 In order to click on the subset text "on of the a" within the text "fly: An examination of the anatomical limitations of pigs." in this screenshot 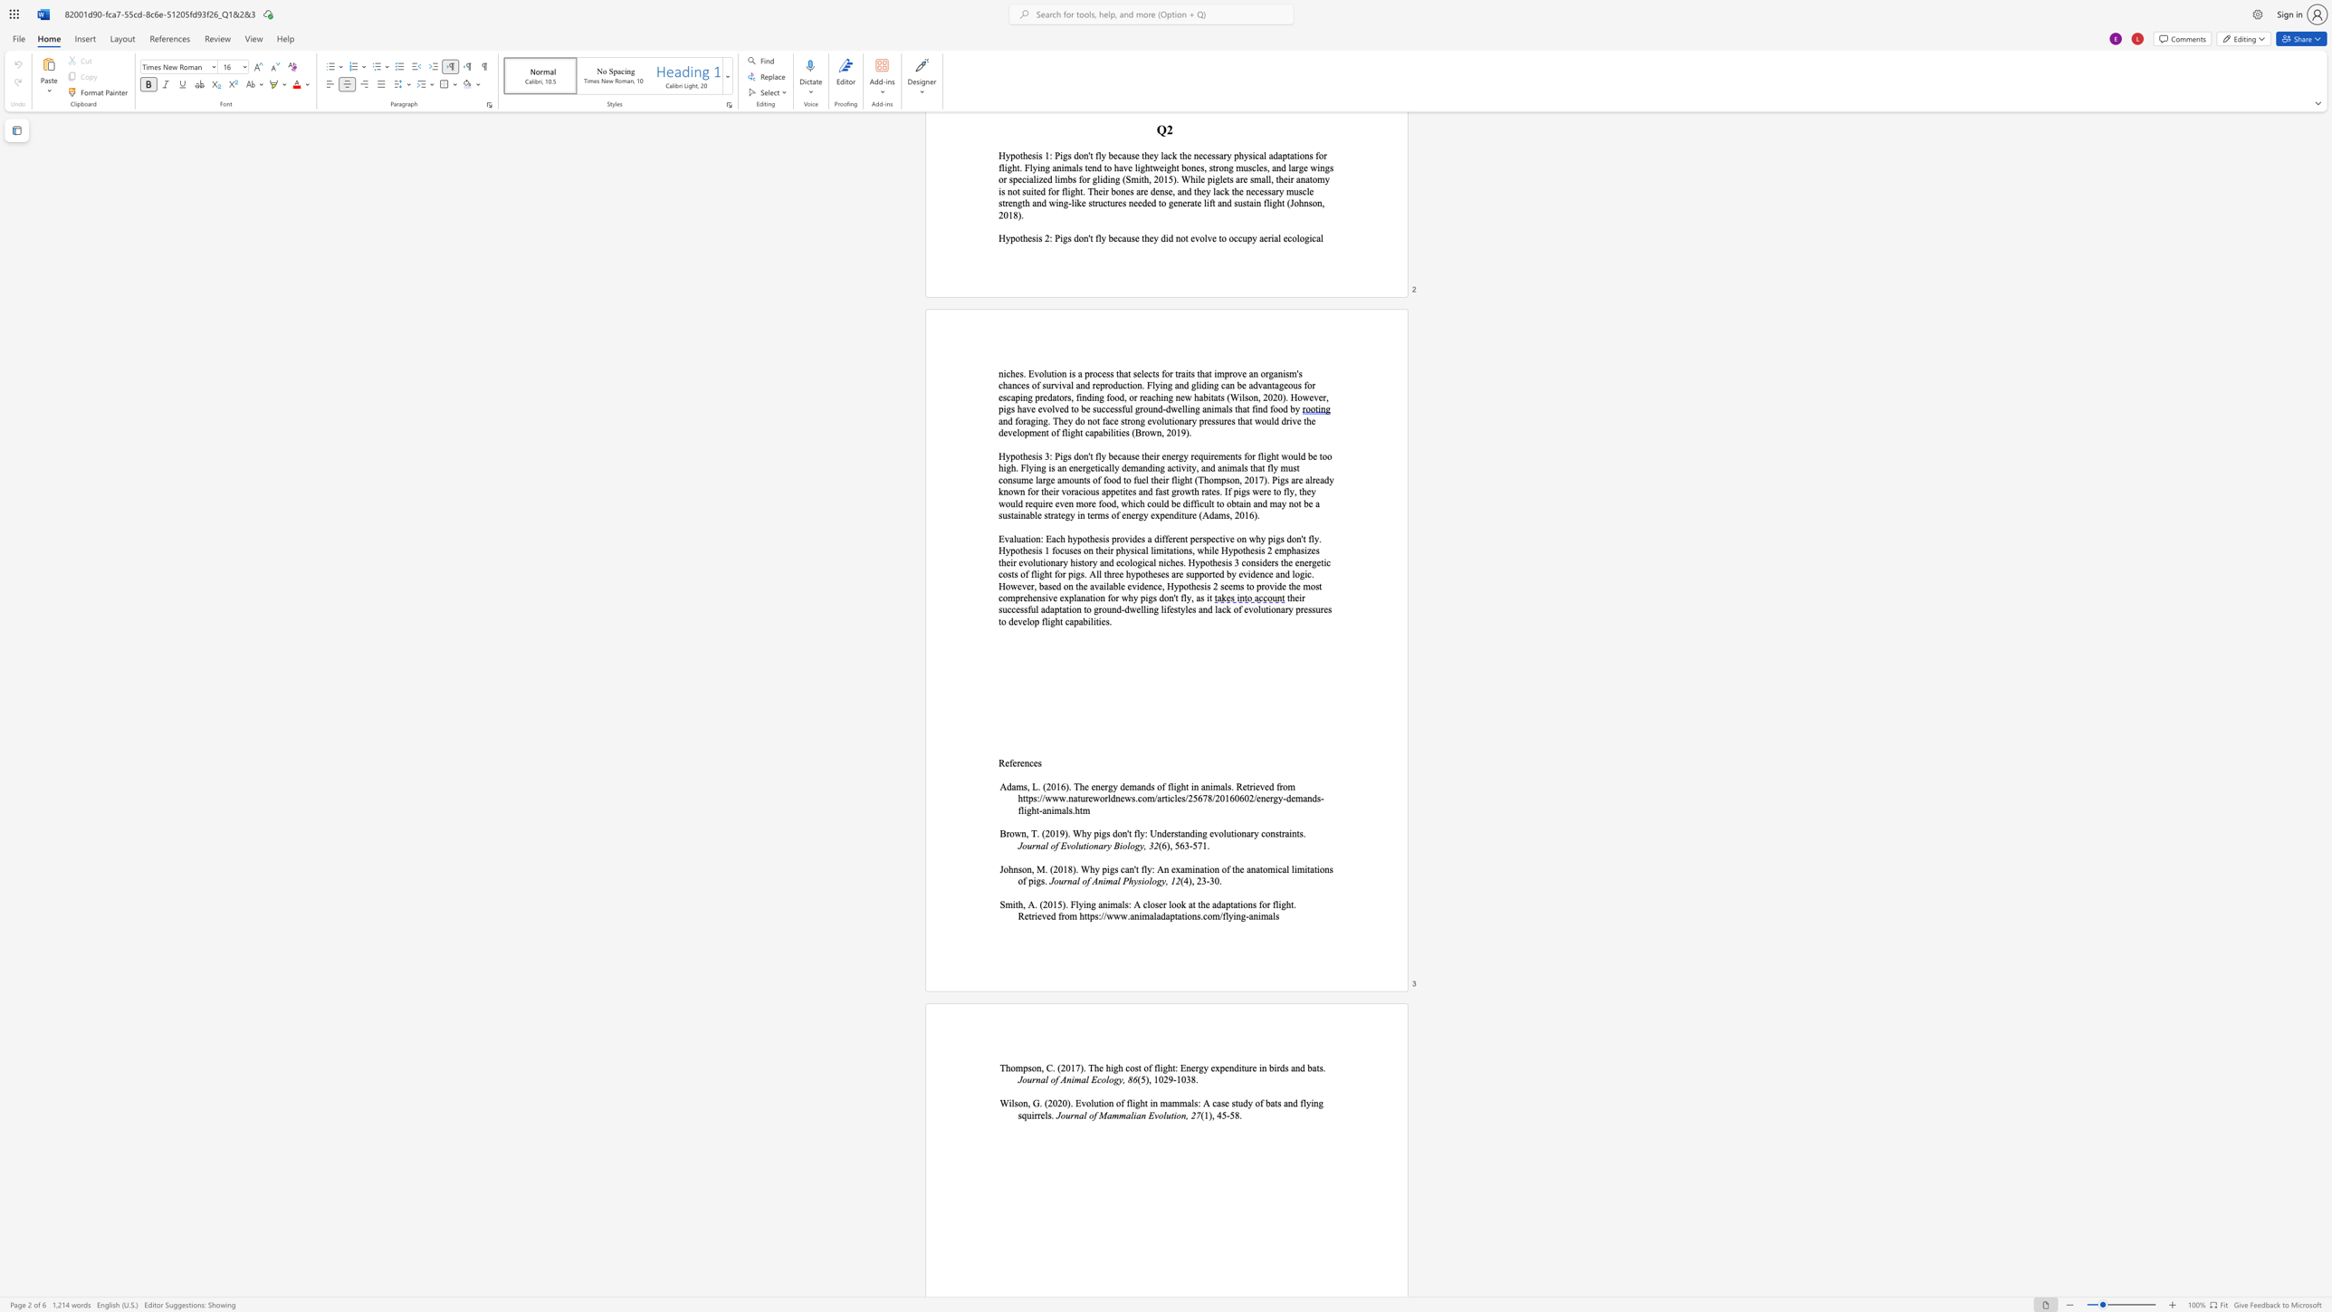, I will do `click(1209, 868)`.